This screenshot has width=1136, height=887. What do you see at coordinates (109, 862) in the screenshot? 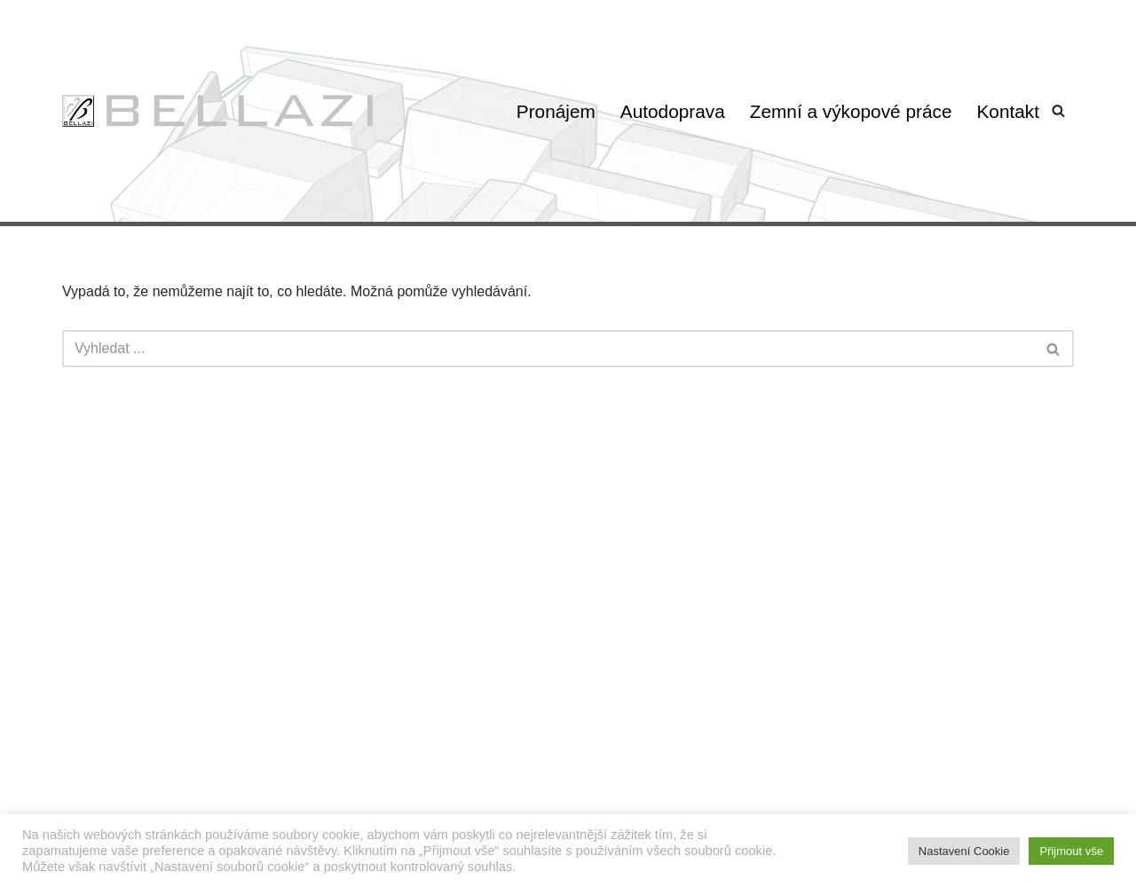
I see `'WordPress'` at bounding box center [109, 862].